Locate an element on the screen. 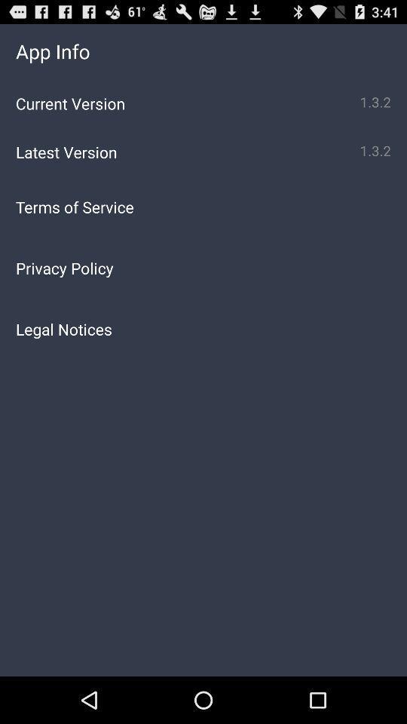 This screenshot has width=407, height=724. the icon above the legal notices is located at coordinates (203, 268).